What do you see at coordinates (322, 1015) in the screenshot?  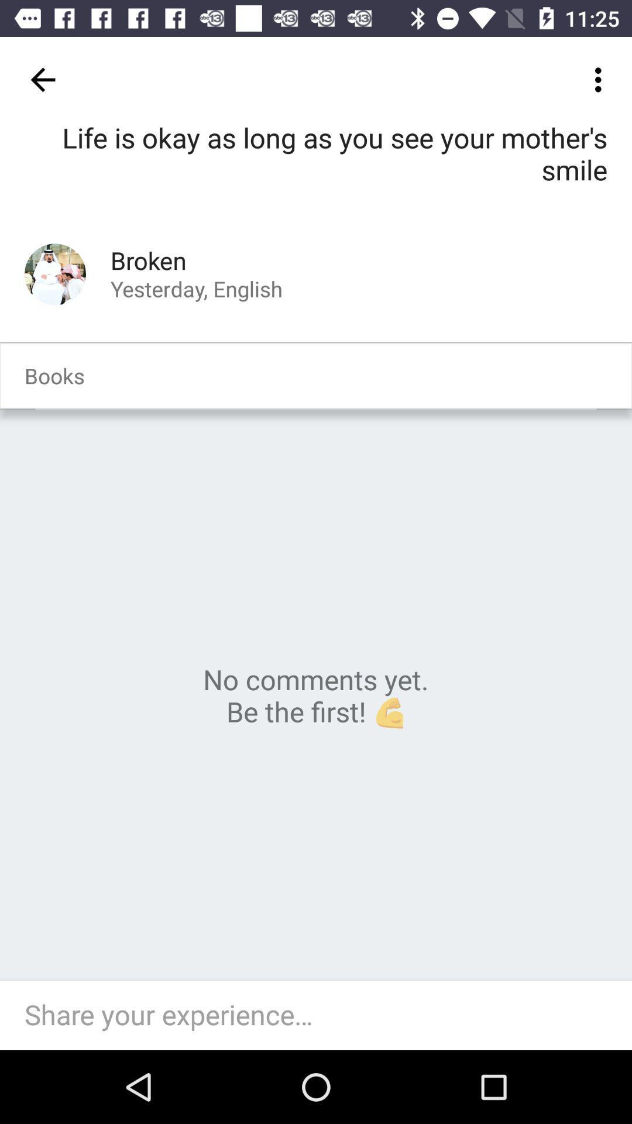 I see `share your experience field` at bounding box center [322, 1015].